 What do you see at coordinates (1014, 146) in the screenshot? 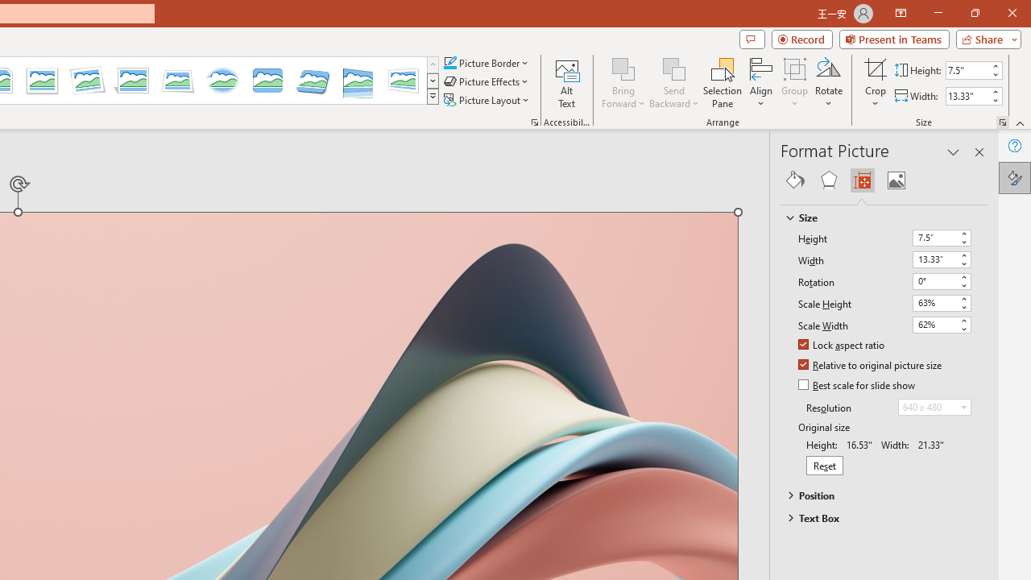
I see `'Help'` at bounding box center [1014, 146].